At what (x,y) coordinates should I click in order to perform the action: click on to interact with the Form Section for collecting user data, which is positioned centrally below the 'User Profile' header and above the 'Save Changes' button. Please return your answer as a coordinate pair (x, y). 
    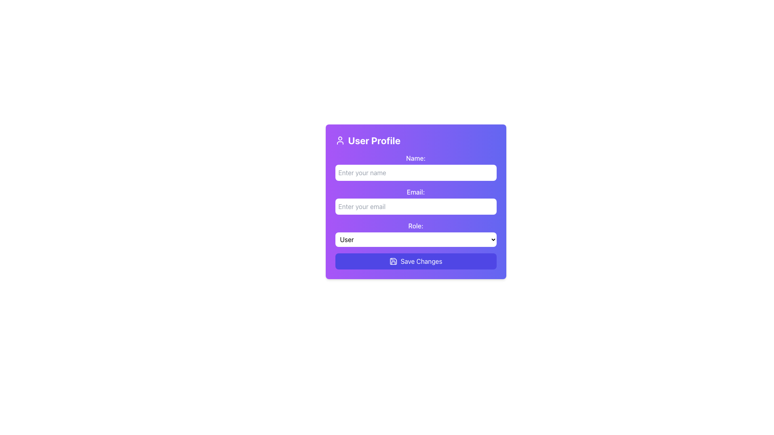
    Looking at the image, I should click on (416, 211).